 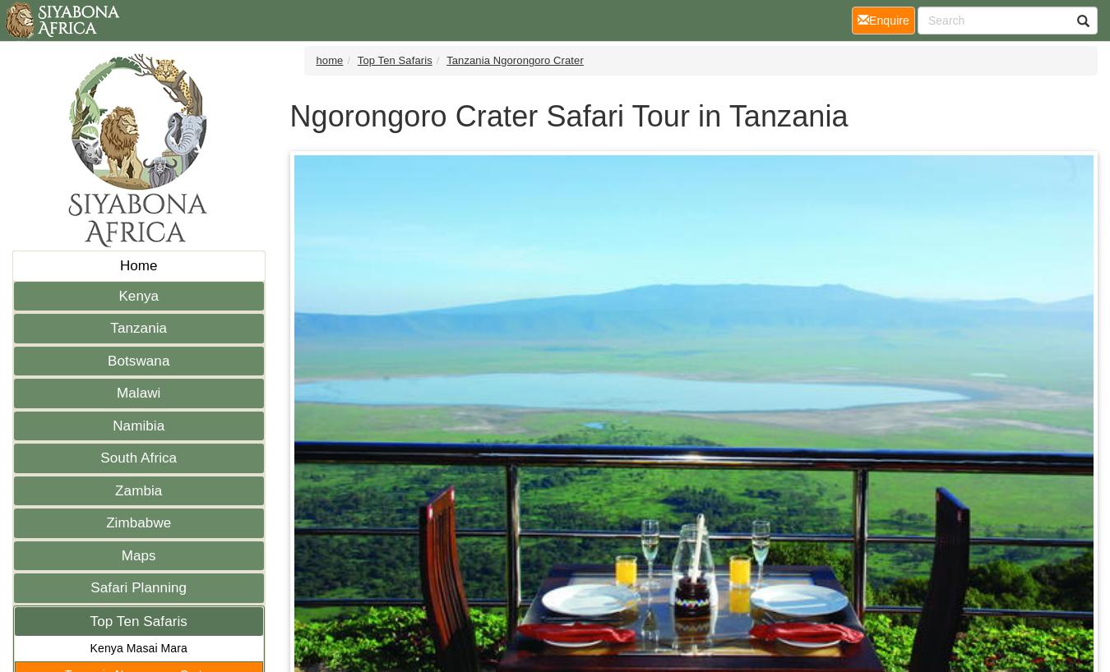 What do you see at coordinates (138, 489) in the screenshot?
I see `'Zambia'` at bounding box center [138, 489].